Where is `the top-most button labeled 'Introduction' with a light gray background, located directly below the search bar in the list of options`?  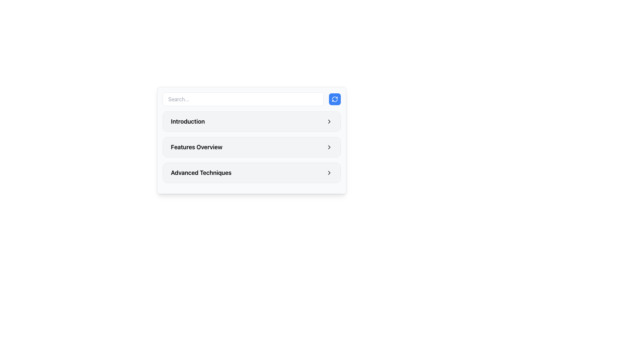 the top-most button labeled 'Introduction' with a light gray background, located directly below the search bar in the list of options is located at coordinates (251, 122).